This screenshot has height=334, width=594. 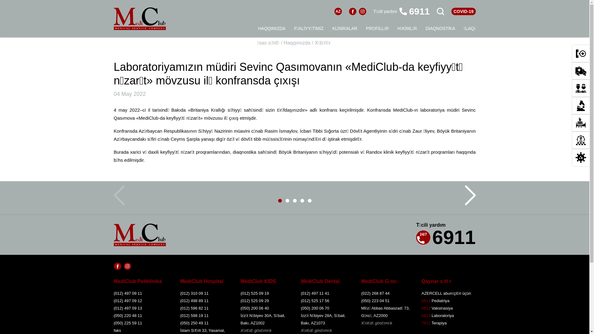 What do you see at coordinates (425, 323) in the screenshot?
I see `'7911'` at bounding box center [425, 323].